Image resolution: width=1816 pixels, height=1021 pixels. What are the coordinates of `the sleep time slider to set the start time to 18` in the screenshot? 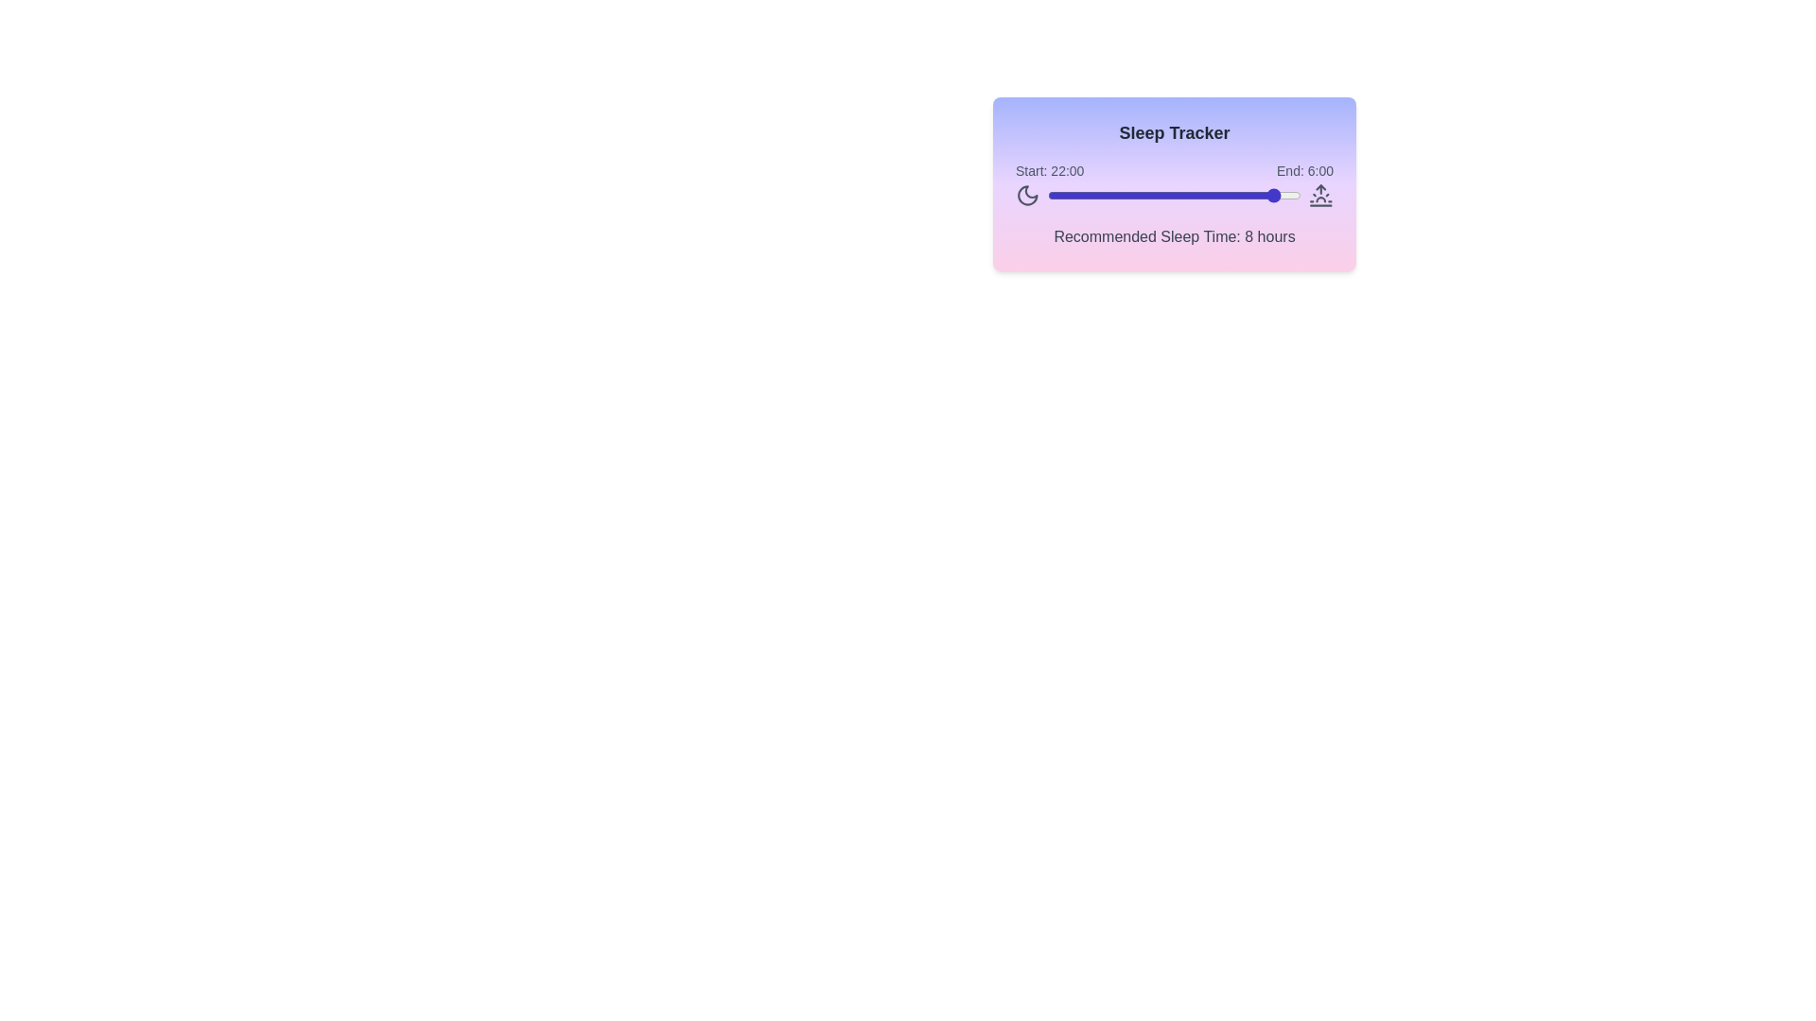 It's located at (1238, 196).